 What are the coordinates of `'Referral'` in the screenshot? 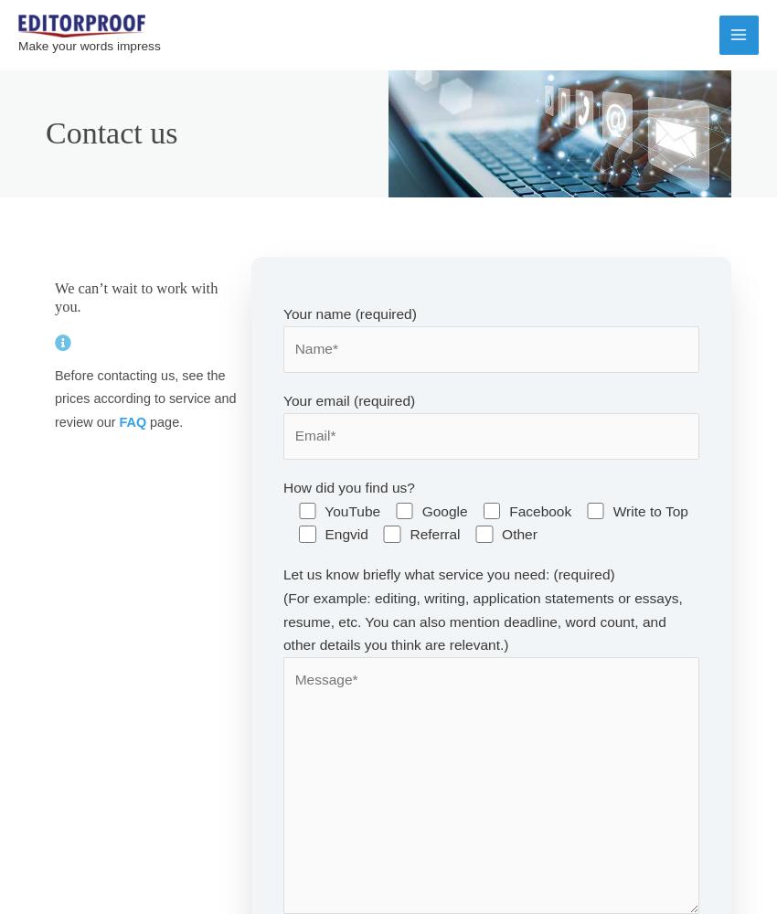 It's located at (434, 533).